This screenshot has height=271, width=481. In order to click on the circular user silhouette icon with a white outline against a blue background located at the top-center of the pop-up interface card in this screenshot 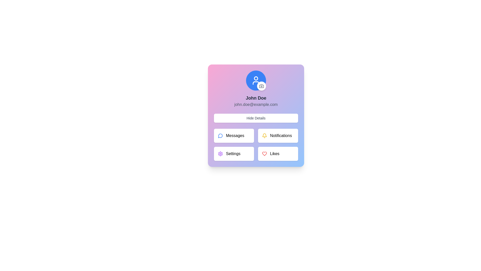, I will do `click(256, 80)`.